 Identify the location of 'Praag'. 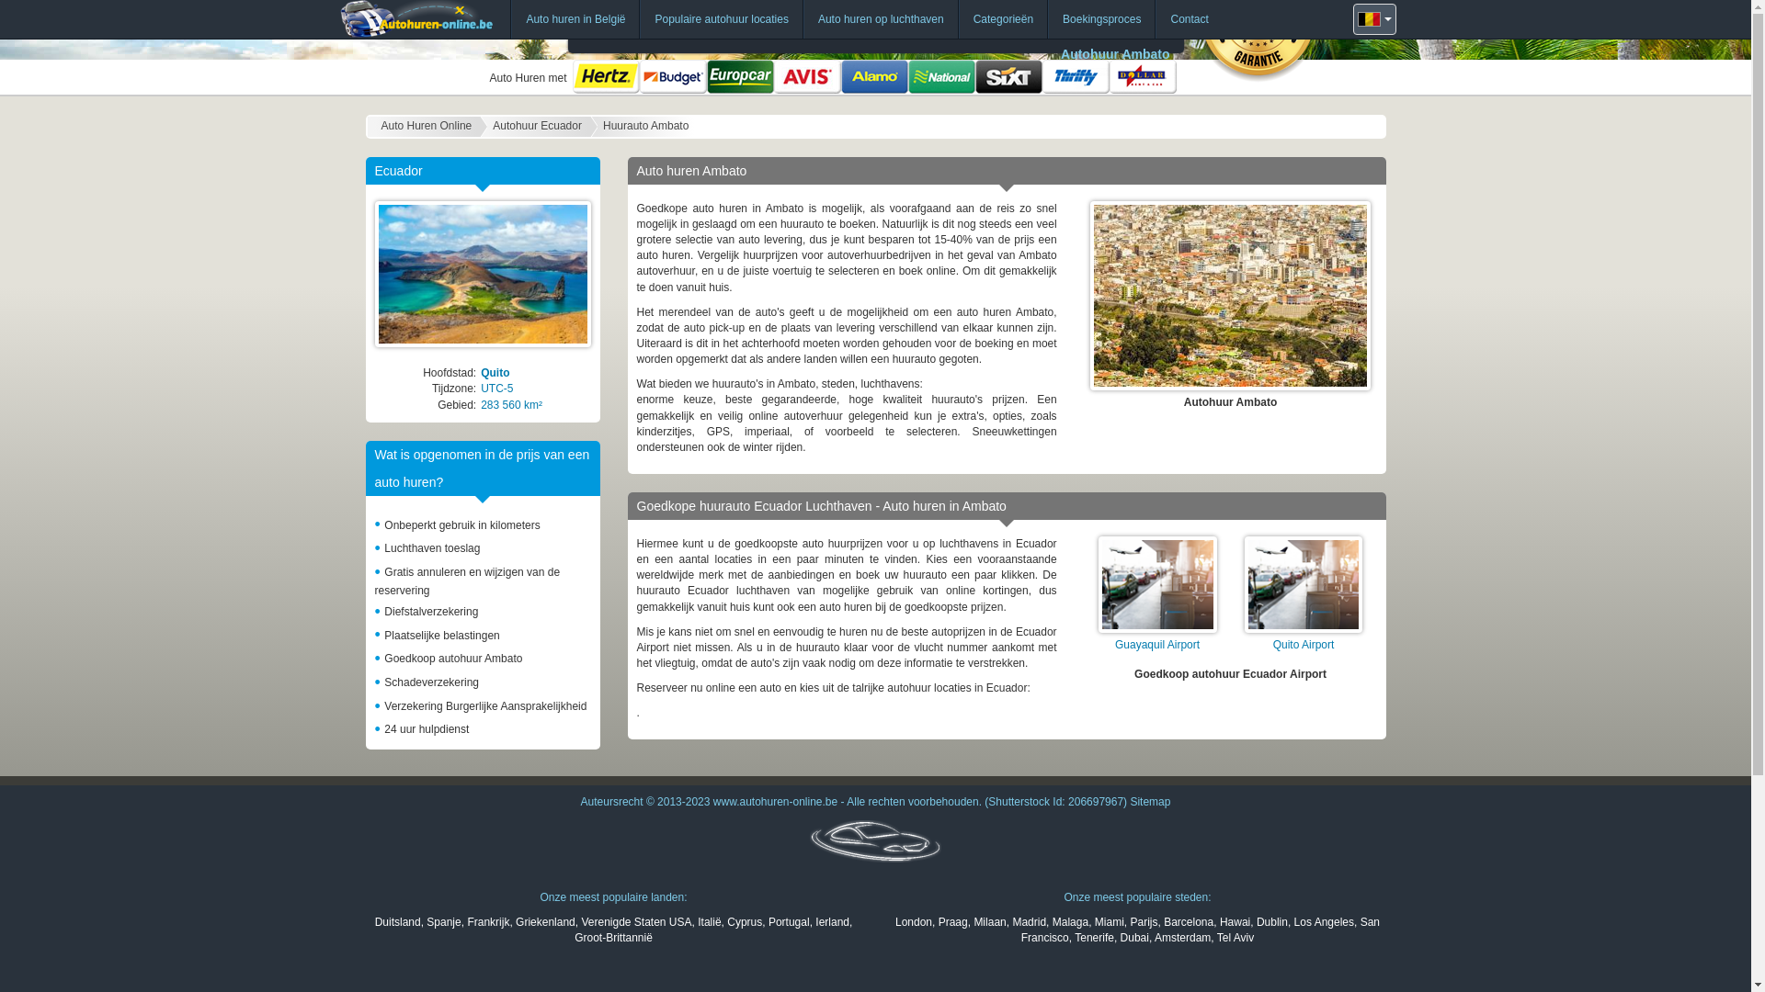
(939, 921).